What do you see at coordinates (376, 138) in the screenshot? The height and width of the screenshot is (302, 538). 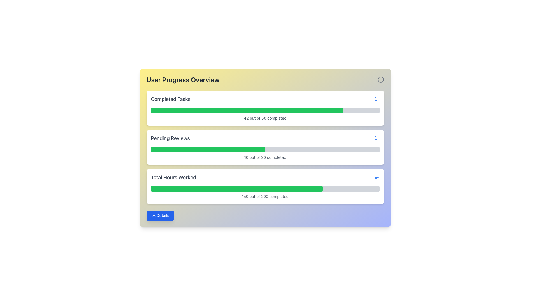 I see `the icon representing the availability of the bar chart for 'Pending Reviews'` at bounding box center [376, 138].